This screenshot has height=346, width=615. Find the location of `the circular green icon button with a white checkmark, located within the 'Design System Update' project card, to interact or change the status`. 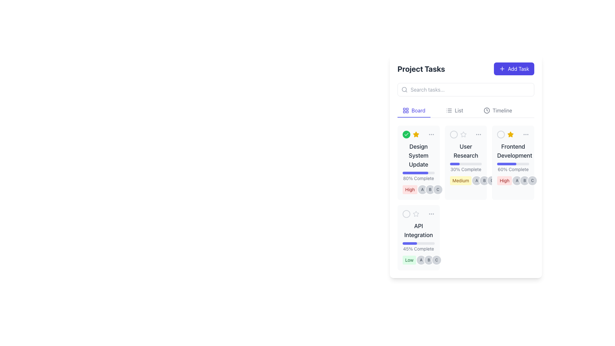

the circular green icon button with a white checkmark, located within the 'Design System Update' project card, to interact or change the status is located at coordinates (406, 134).